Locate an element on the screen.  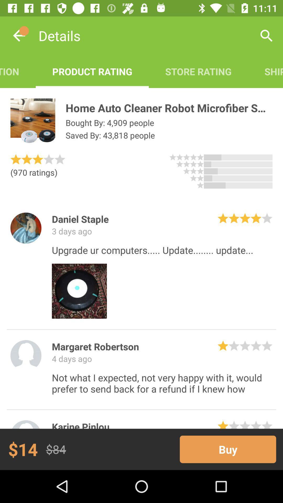
icon to the right of $84 item is located at coordinates (228, 449).